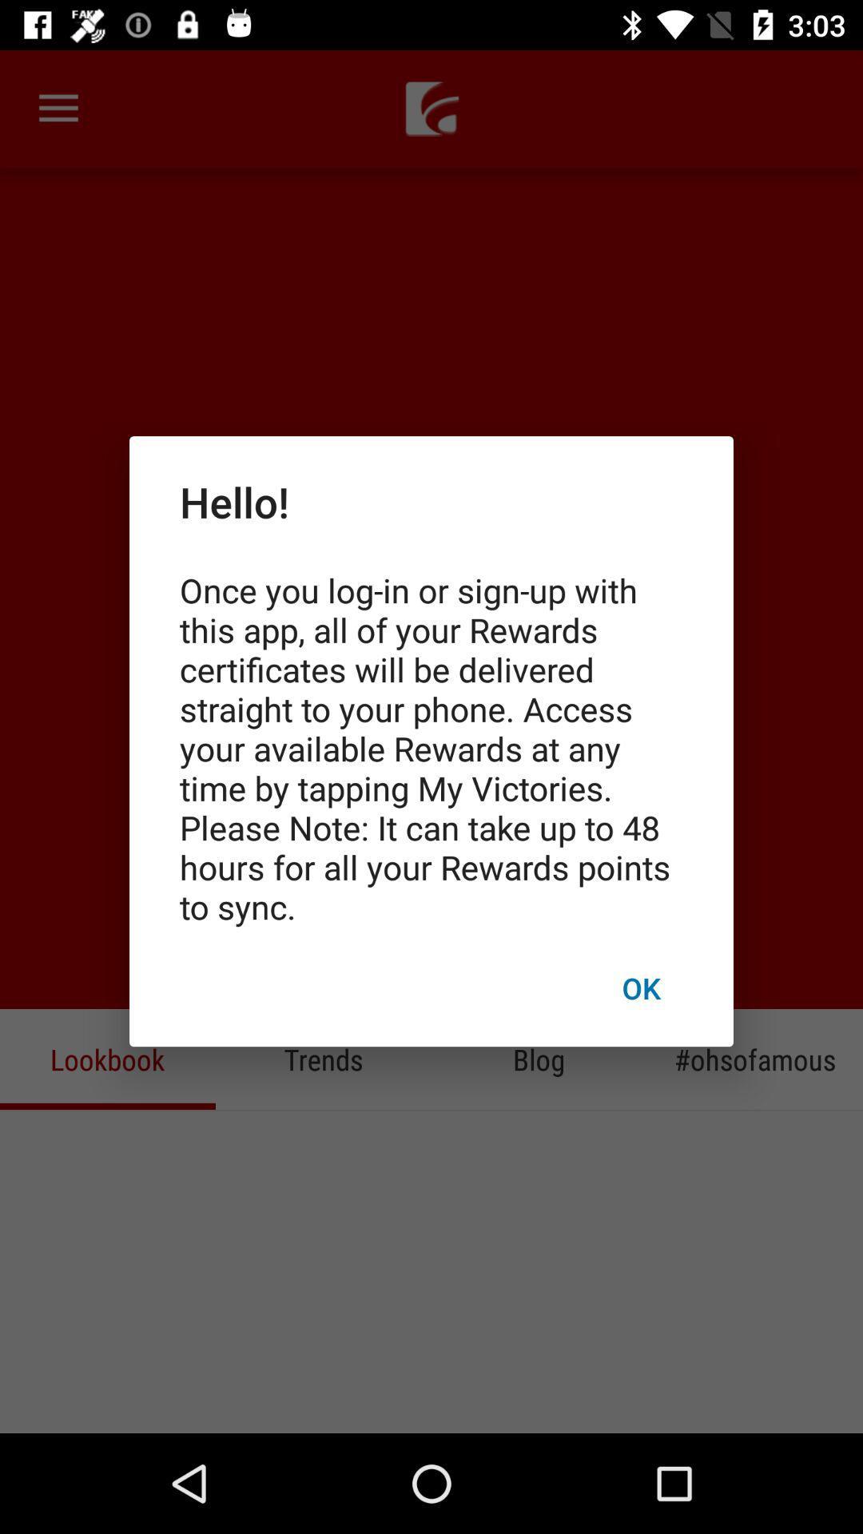  Describe the element at coordinates (640, 987) in the screenshot. I see `the ok item` at that location.